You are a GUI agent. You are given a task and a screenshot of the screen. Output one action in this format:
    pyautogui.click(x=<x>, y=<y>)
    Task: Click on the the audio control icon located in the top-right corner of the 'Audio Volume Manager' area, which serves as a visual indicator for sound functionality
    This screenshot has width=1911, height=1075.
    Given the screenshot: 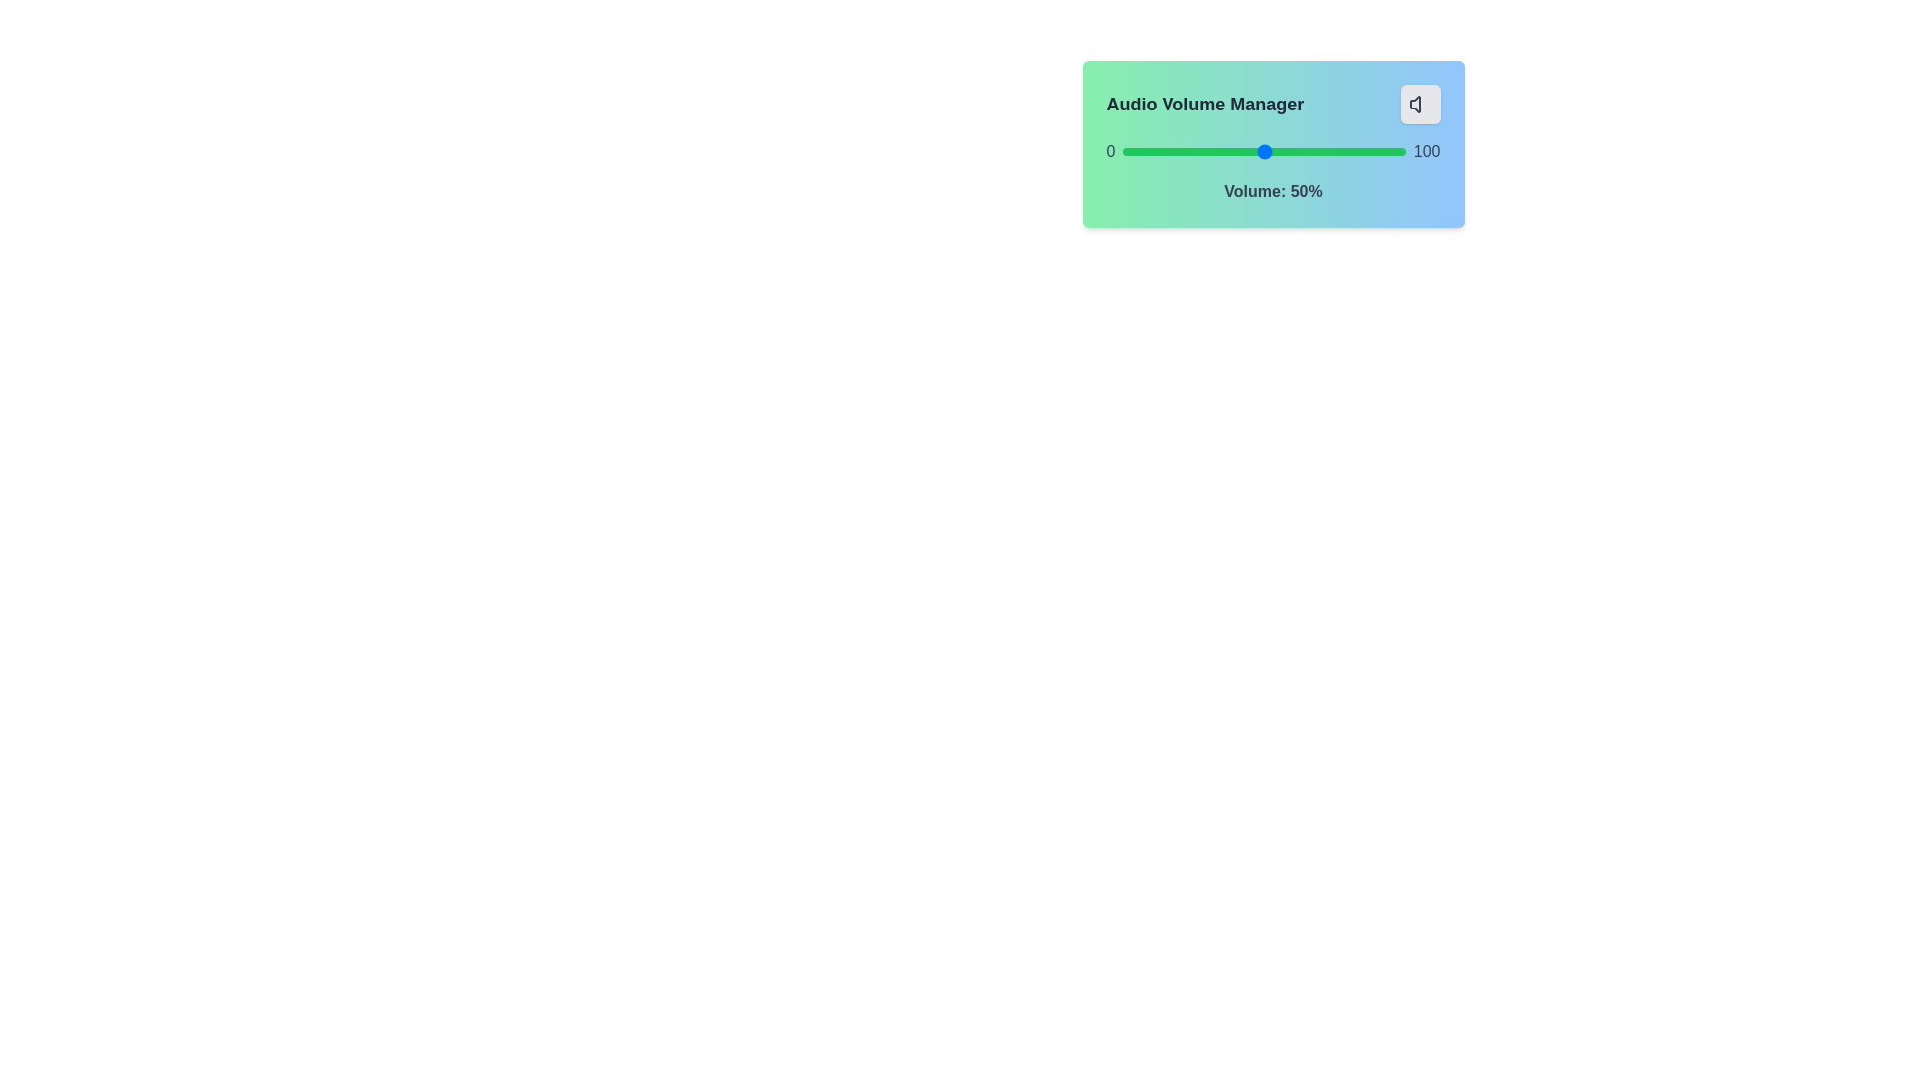 What is the action you would take?
    pyautogui.click(x=1413, y=104)
    